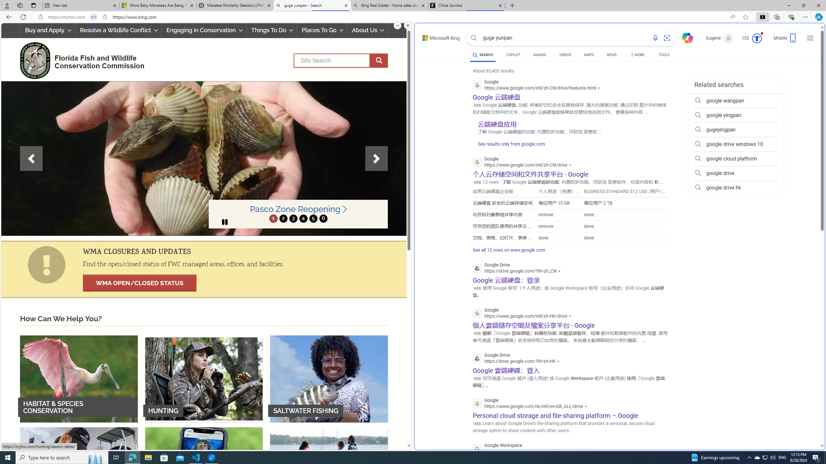 This screenshot has width=826, height=464. I want to click on '2', so click(283, 218).